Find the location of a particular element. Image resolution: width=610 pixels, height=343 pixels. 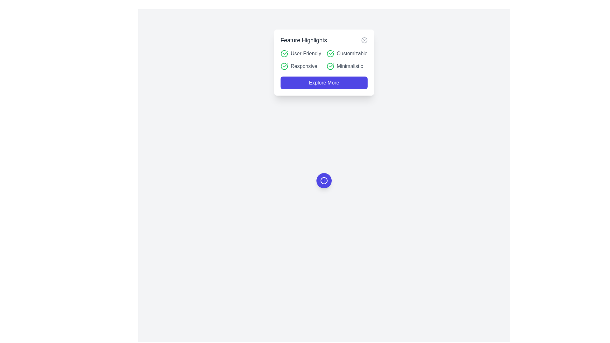

the outer circular graphical element that serves as a visual indicator or symbol within its icon structure is located at coordinates (324, 181).